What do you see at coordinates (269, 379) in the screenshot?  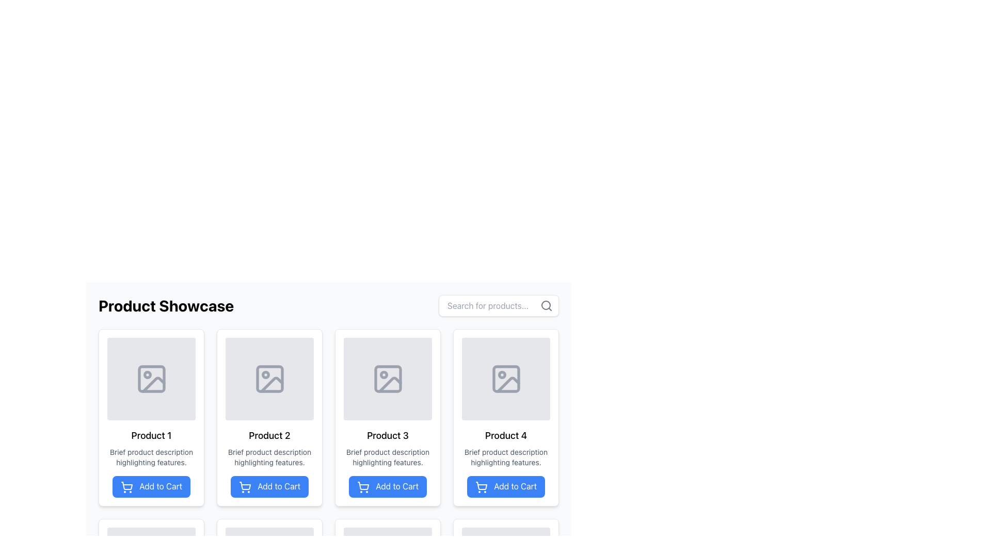 I see `the decorative graphic with rounded corners located in the second product card under the 'Product Showcase' section` at bounding box center [269, 379].